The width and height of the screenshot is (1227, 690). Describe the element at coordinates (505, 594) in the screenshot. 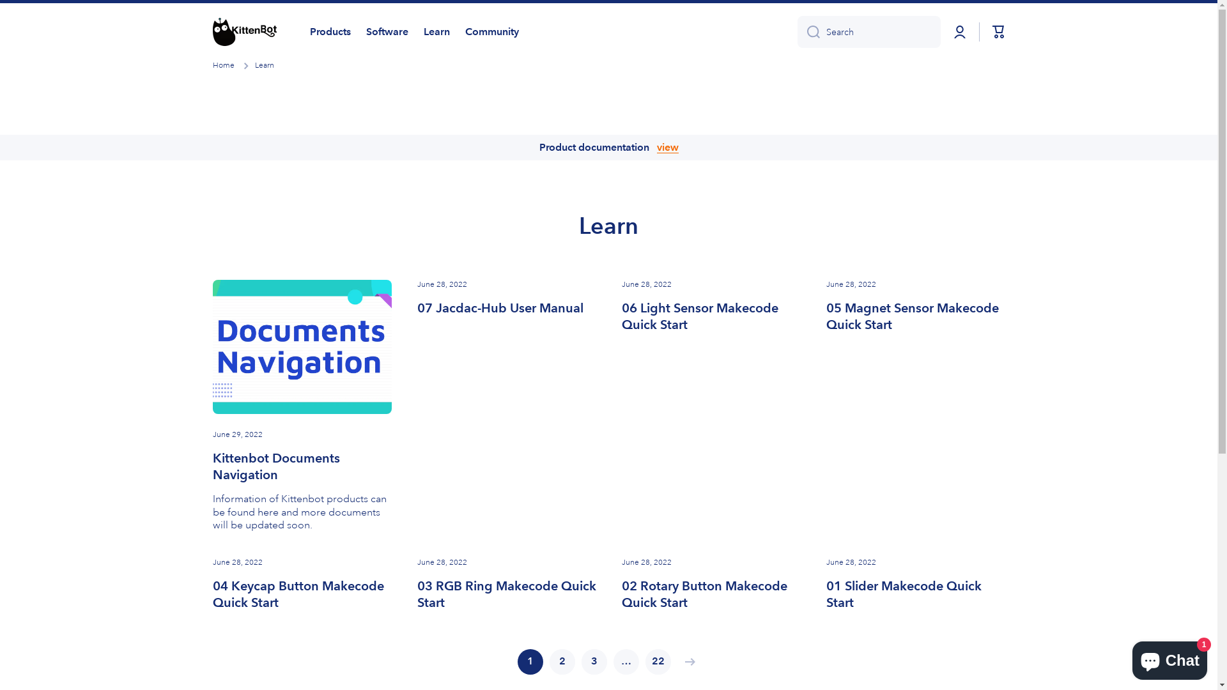

I see `'03 RGB Ring Makecode Quick Start'` at that location.